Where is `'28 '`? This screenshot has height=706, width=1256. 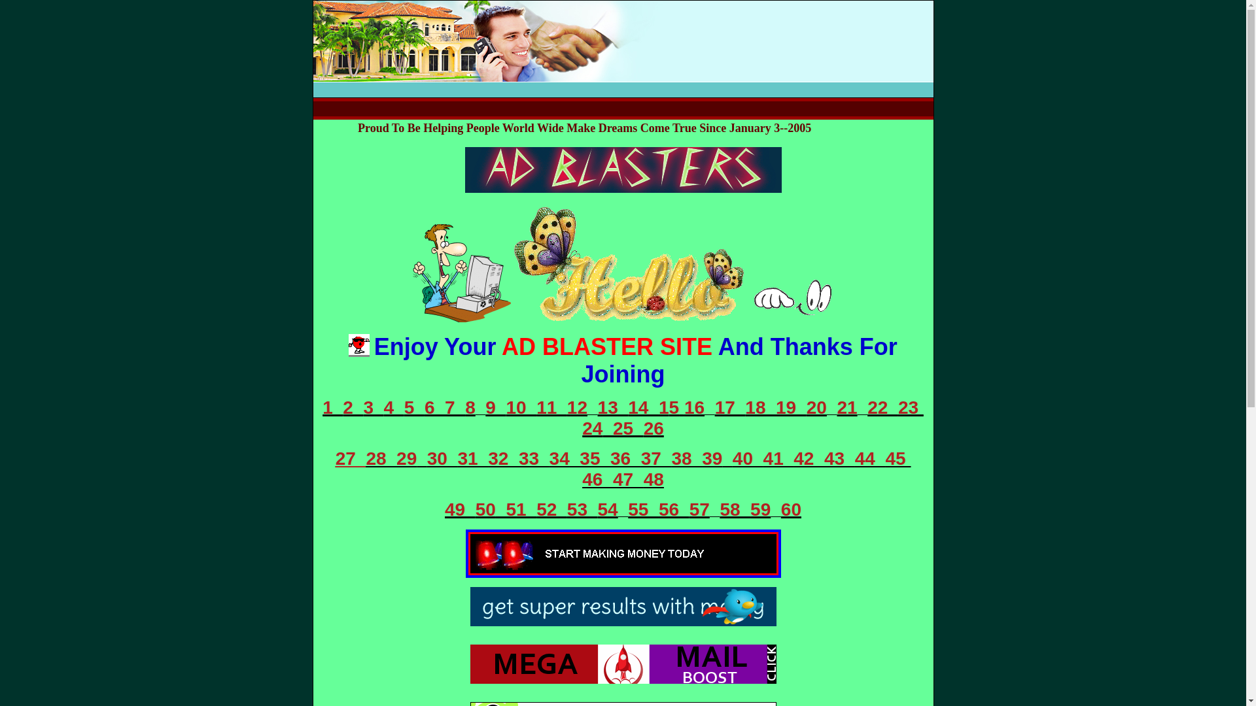 '28 ' is located at coordinates (380, 458).